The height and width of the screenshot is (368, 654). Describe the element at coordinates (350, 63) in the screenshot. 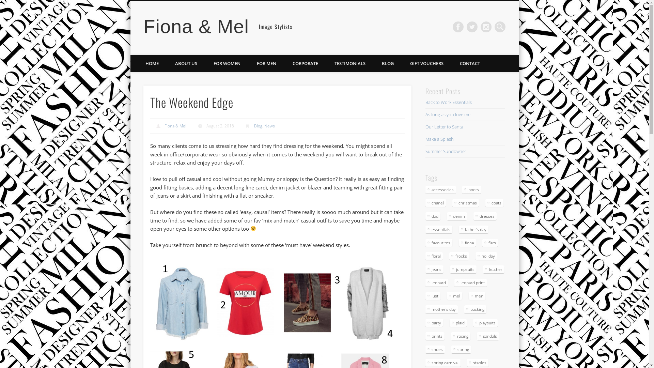

I see `'TESTIMONIALS'` at that location.